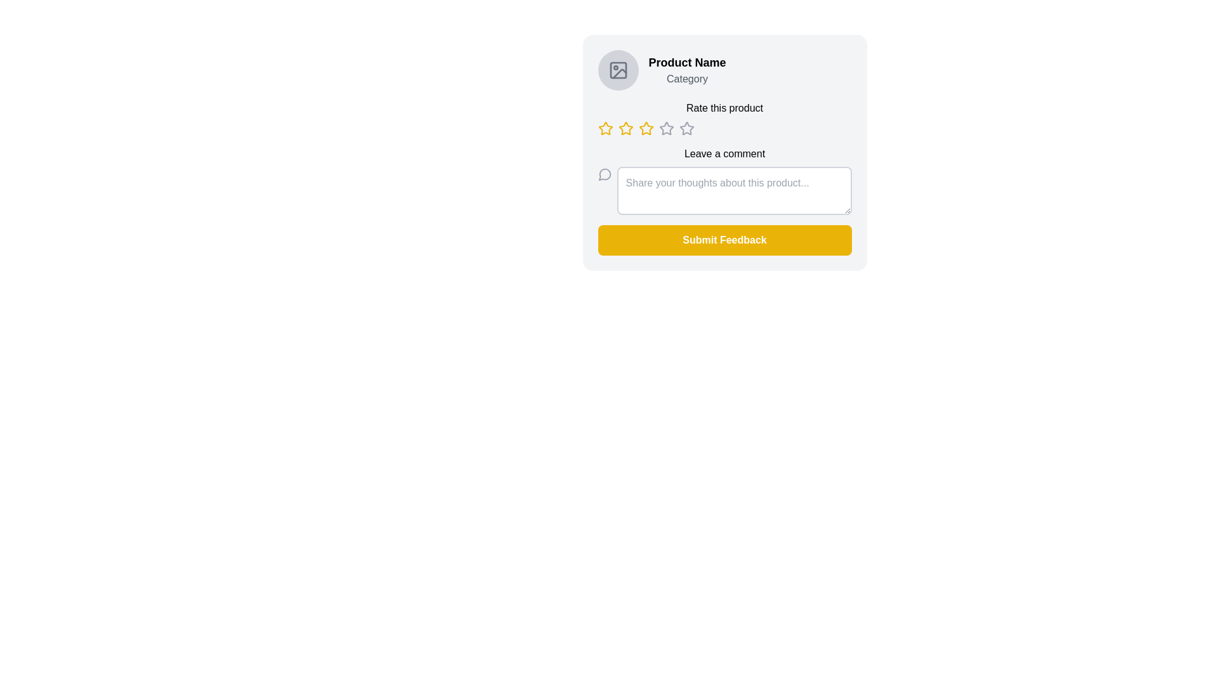 Image resolution: width=1218 pixels, height=685 pixels. What do you see at coordinates (618, 70) in the screenshot?
I see `the gray image placeholder icon located at the top-left corner of the card, adjacent to the 'Product Name' text` at bounding box center [618, 70].